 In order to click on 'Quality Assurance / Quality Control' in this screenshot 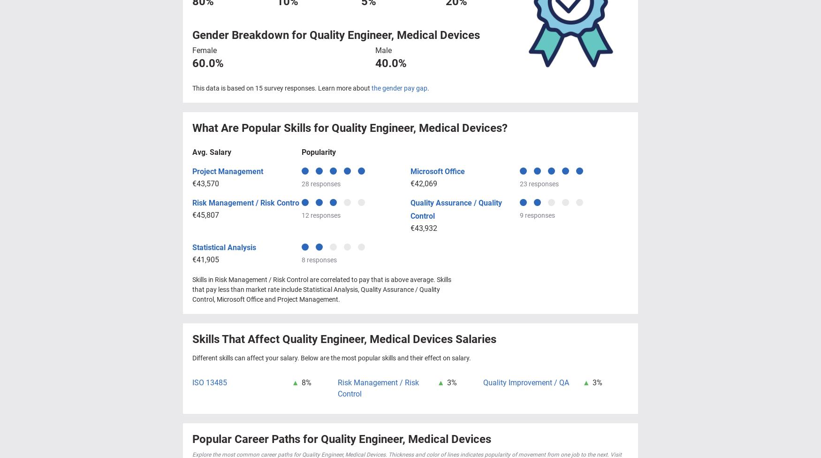, I will do `click(410, 208)`.